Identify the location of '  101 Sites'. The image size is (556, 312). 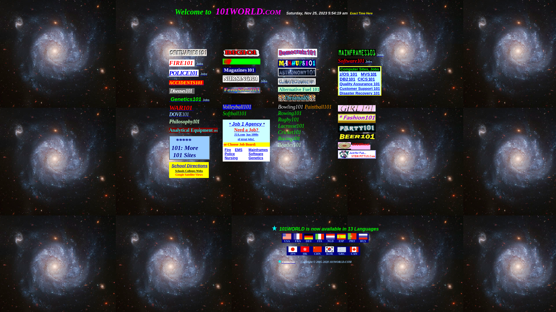
(182, 155).